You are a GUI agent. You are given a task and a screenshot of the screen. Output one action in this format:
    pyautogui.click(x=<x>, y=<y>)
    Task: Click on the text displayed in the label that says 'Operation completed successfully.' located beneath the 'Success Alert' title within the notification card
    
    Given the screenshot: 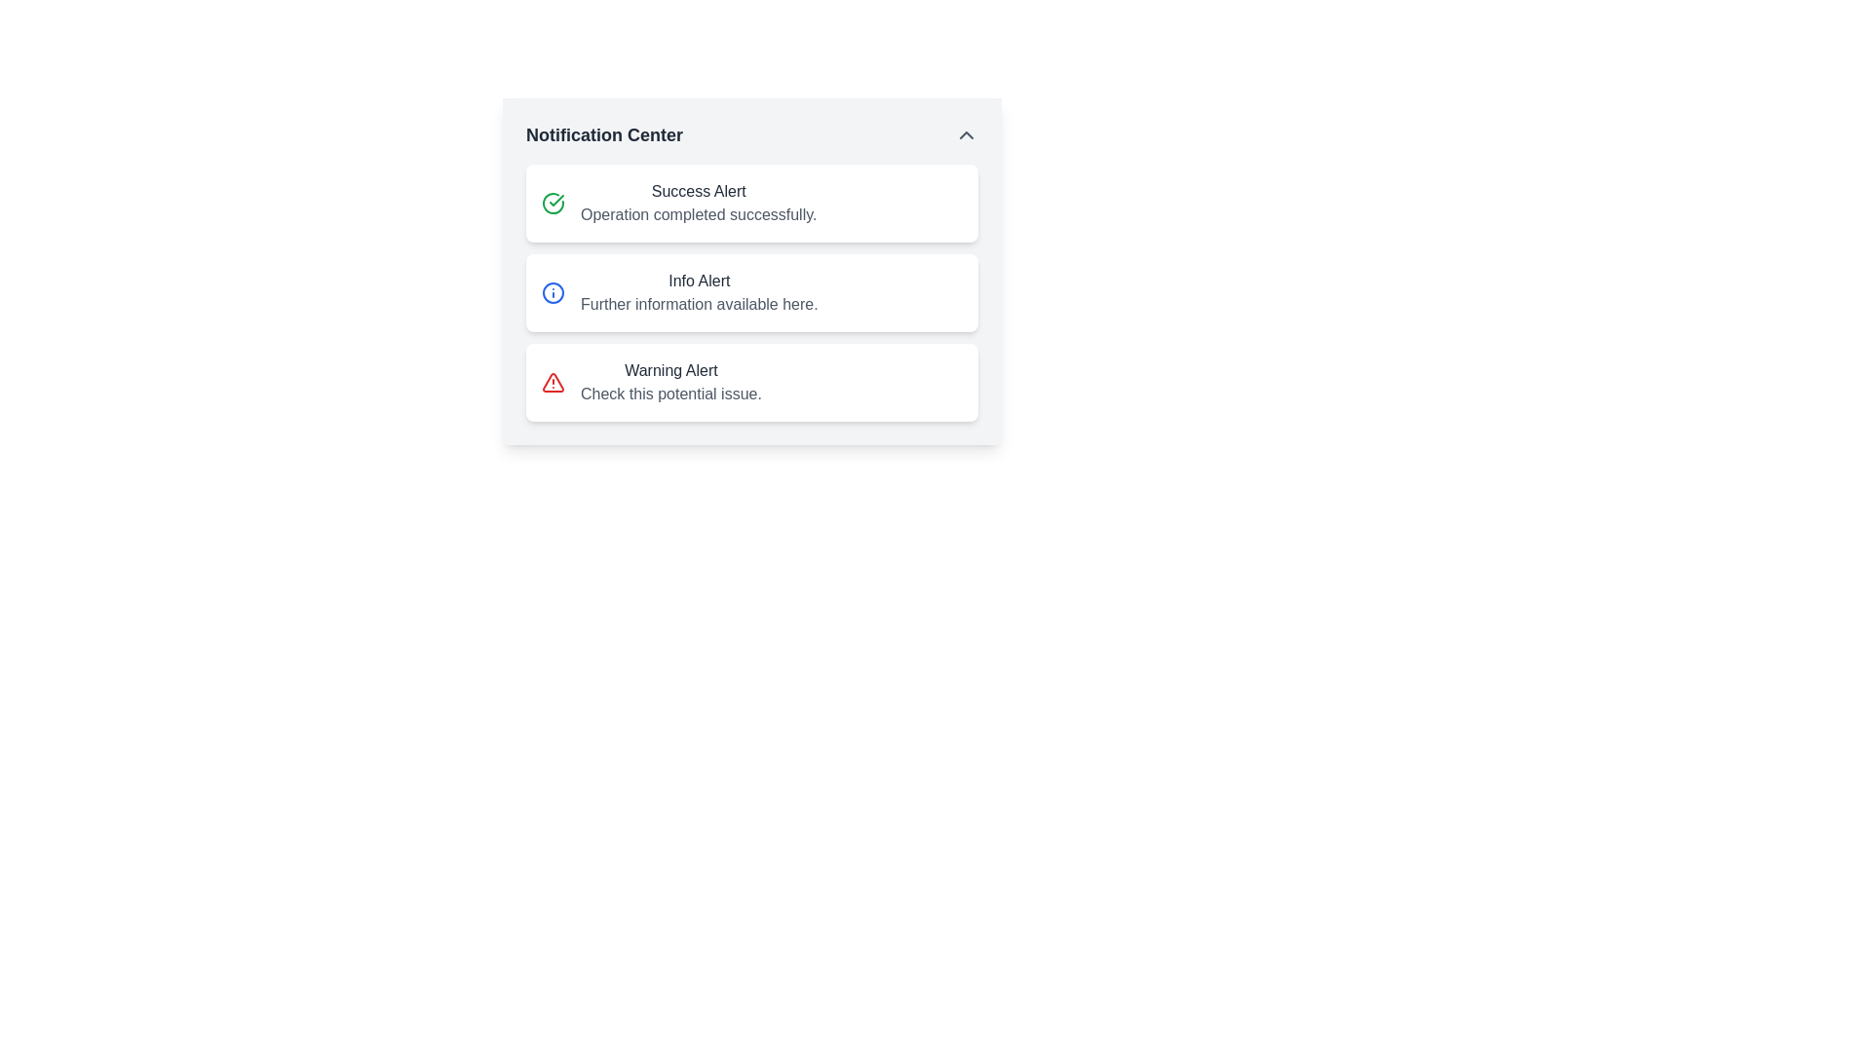 What is the action you would take?
    pyautogui.click(x=699, y=214)
    